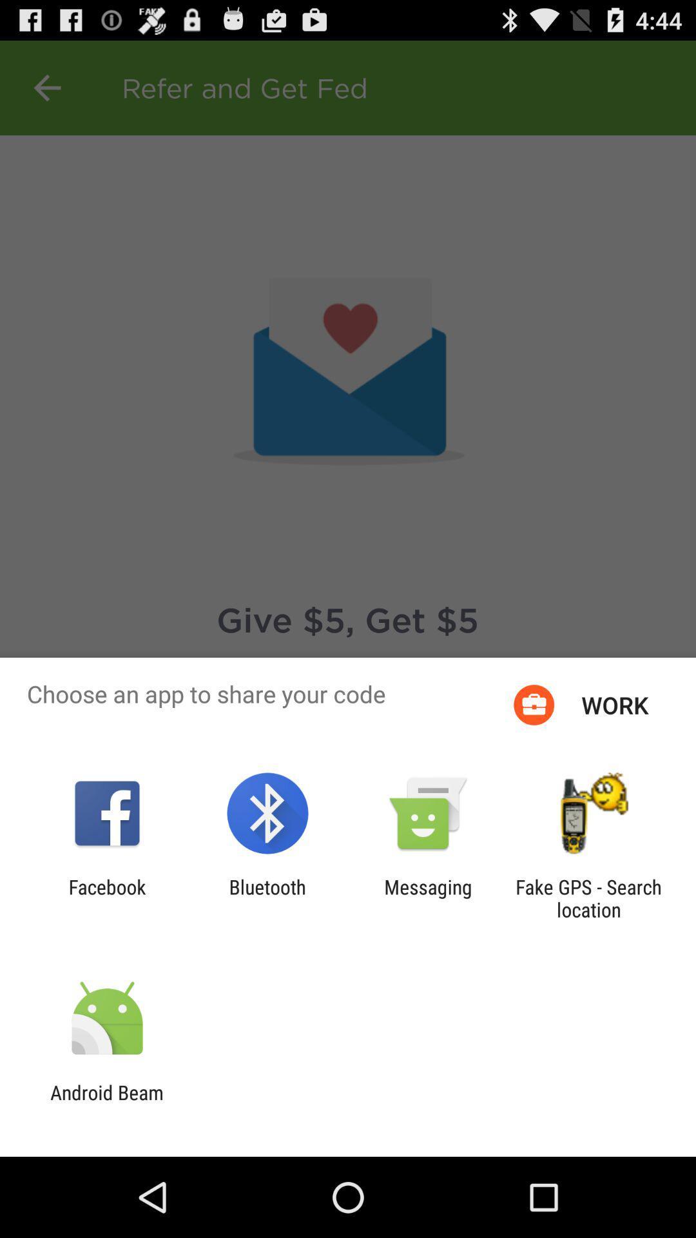  I want to click on fake gps search app, so click(588, 898).